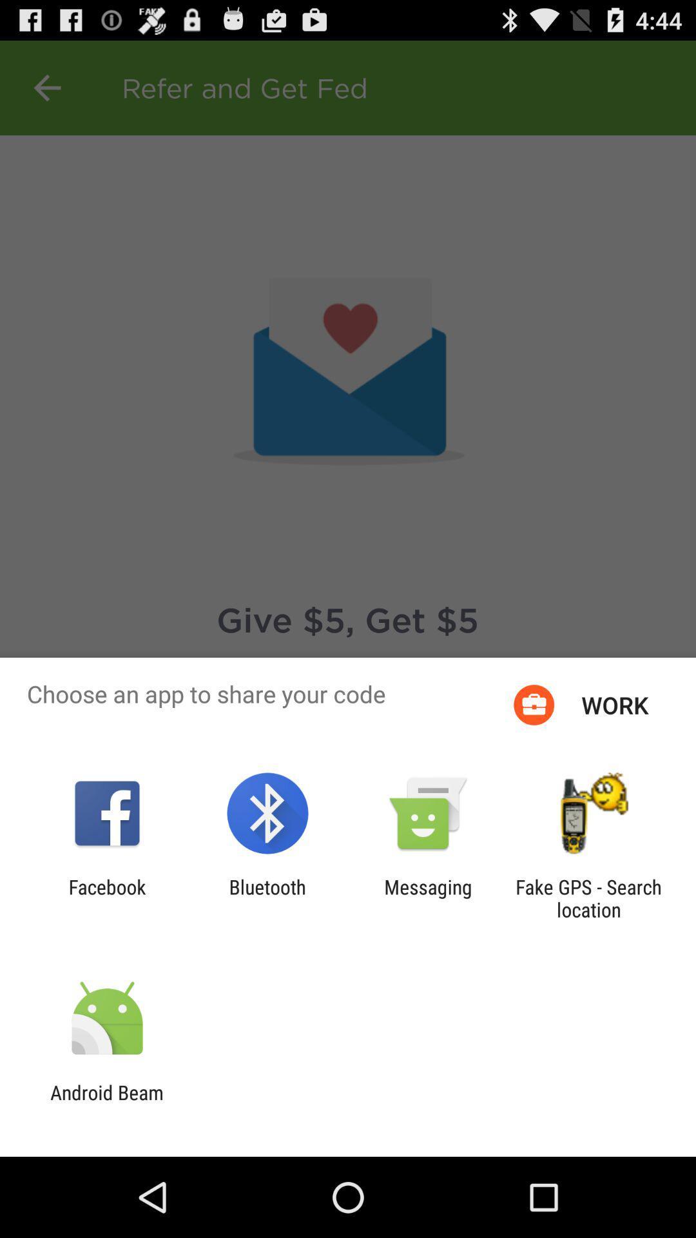  I want to click on fake gps search app, so click(588, 898).